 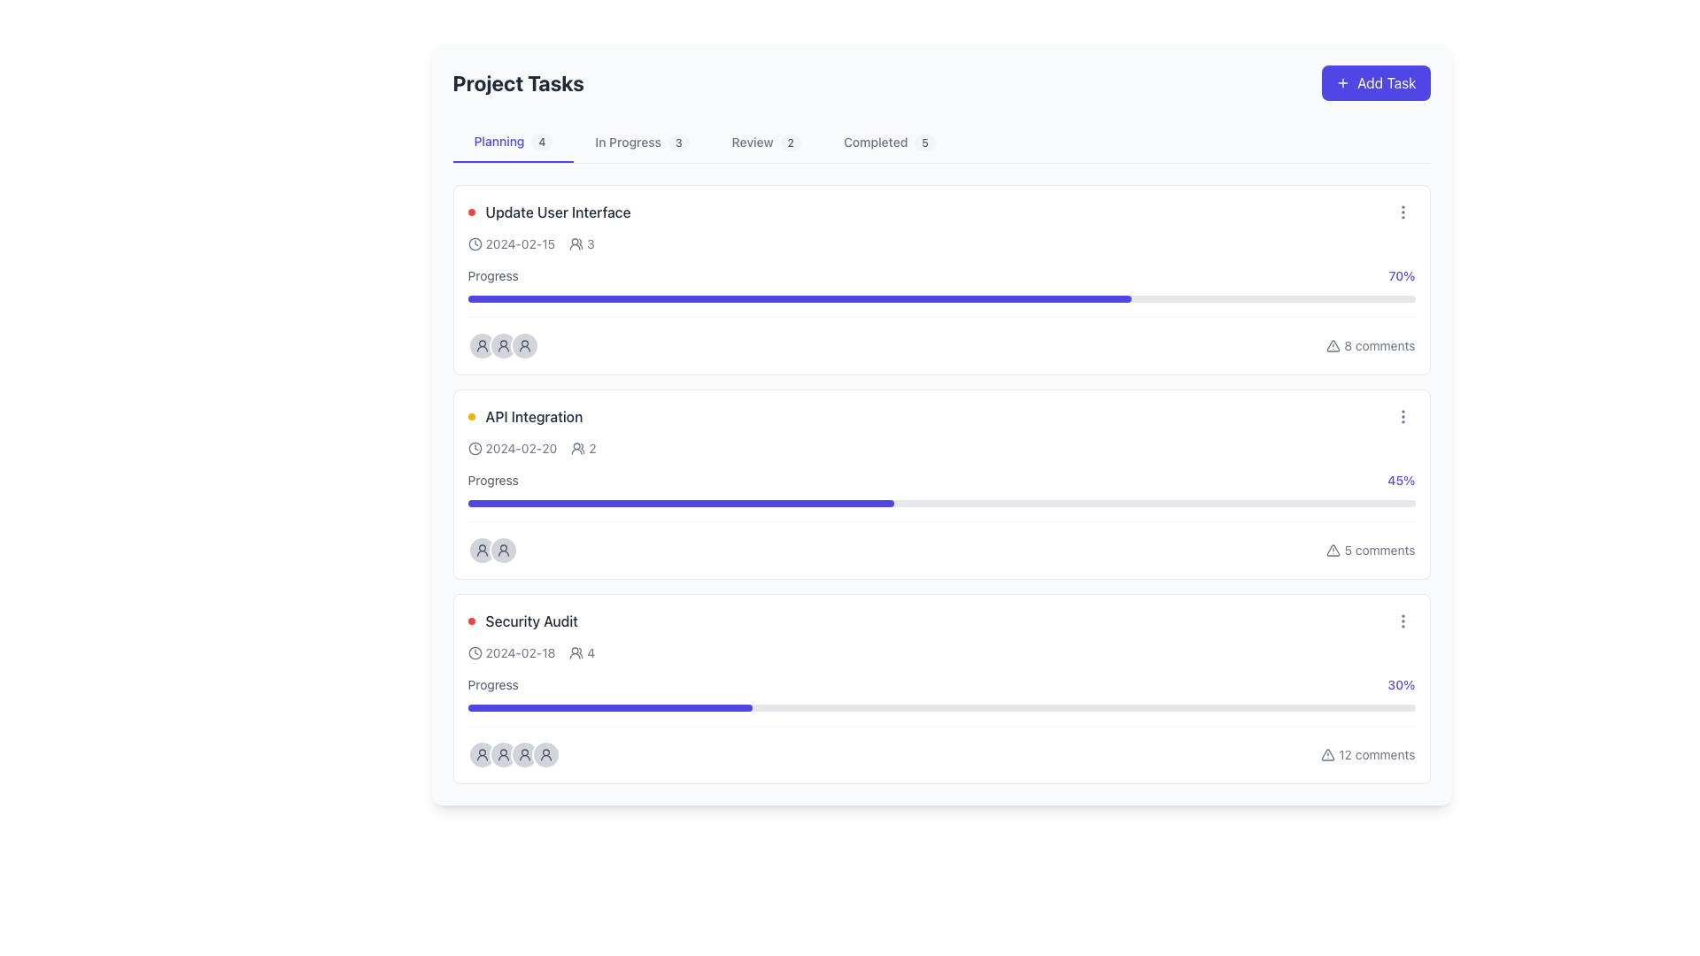 What do you see at coordinates (475, 447) in the screenshot?
I see `SVG clock icon located within the second task card labeled 'API Integration', positioned to the left of the date text '2024-02-20'` at bounding box center [475, 447].